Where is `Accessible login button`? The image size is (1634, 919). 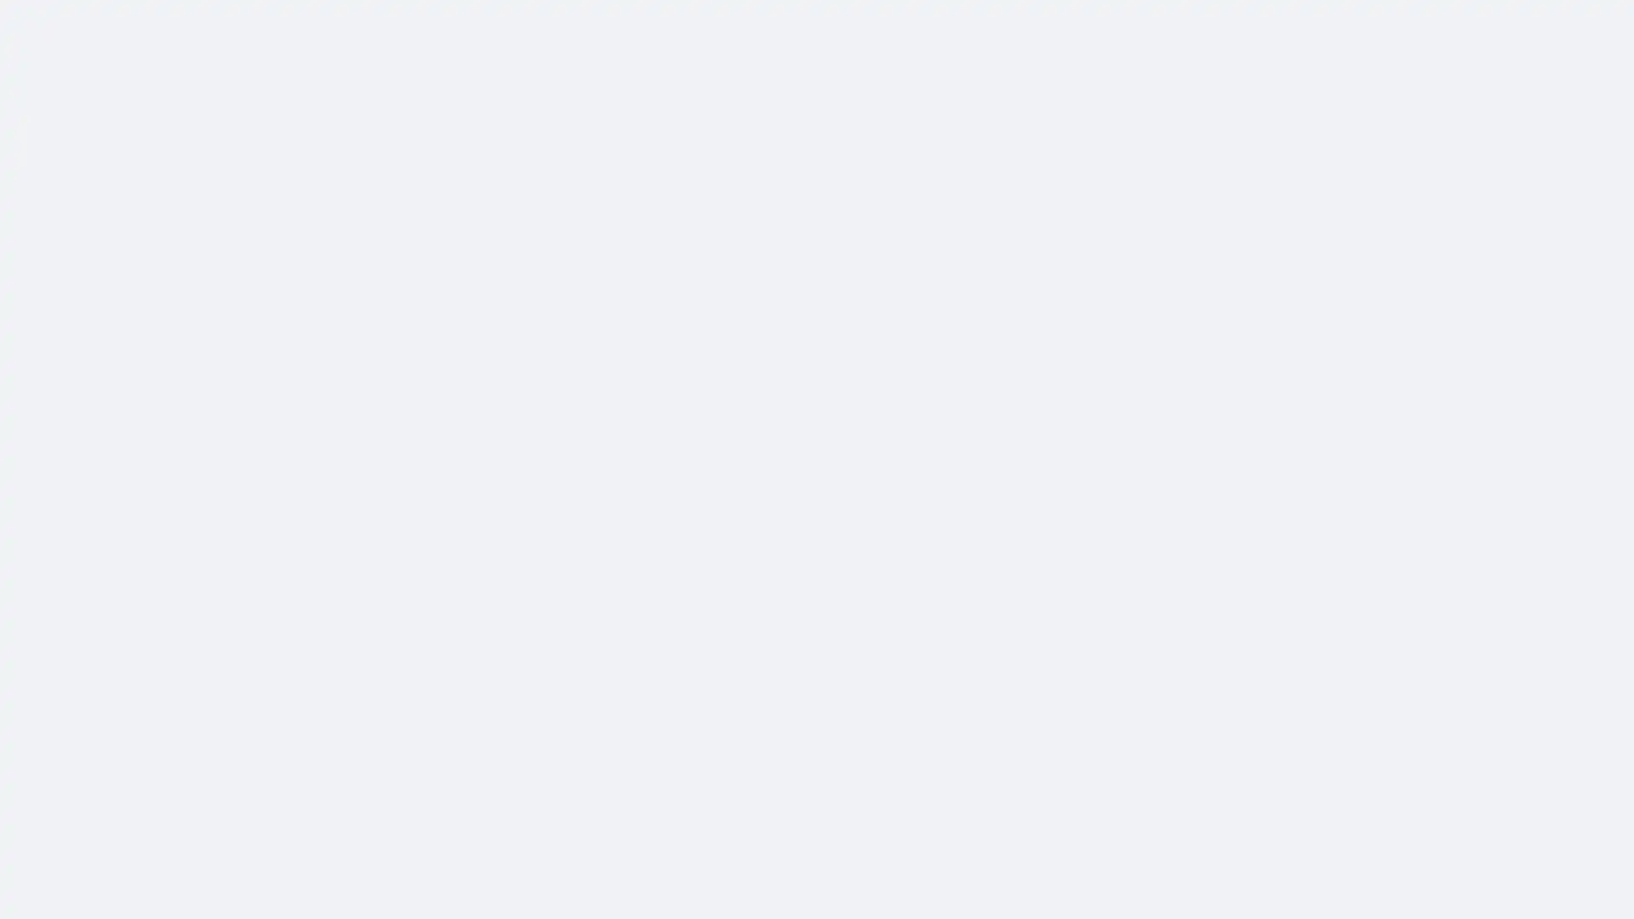
Accessible login button is located at coordinates (1459, 23).